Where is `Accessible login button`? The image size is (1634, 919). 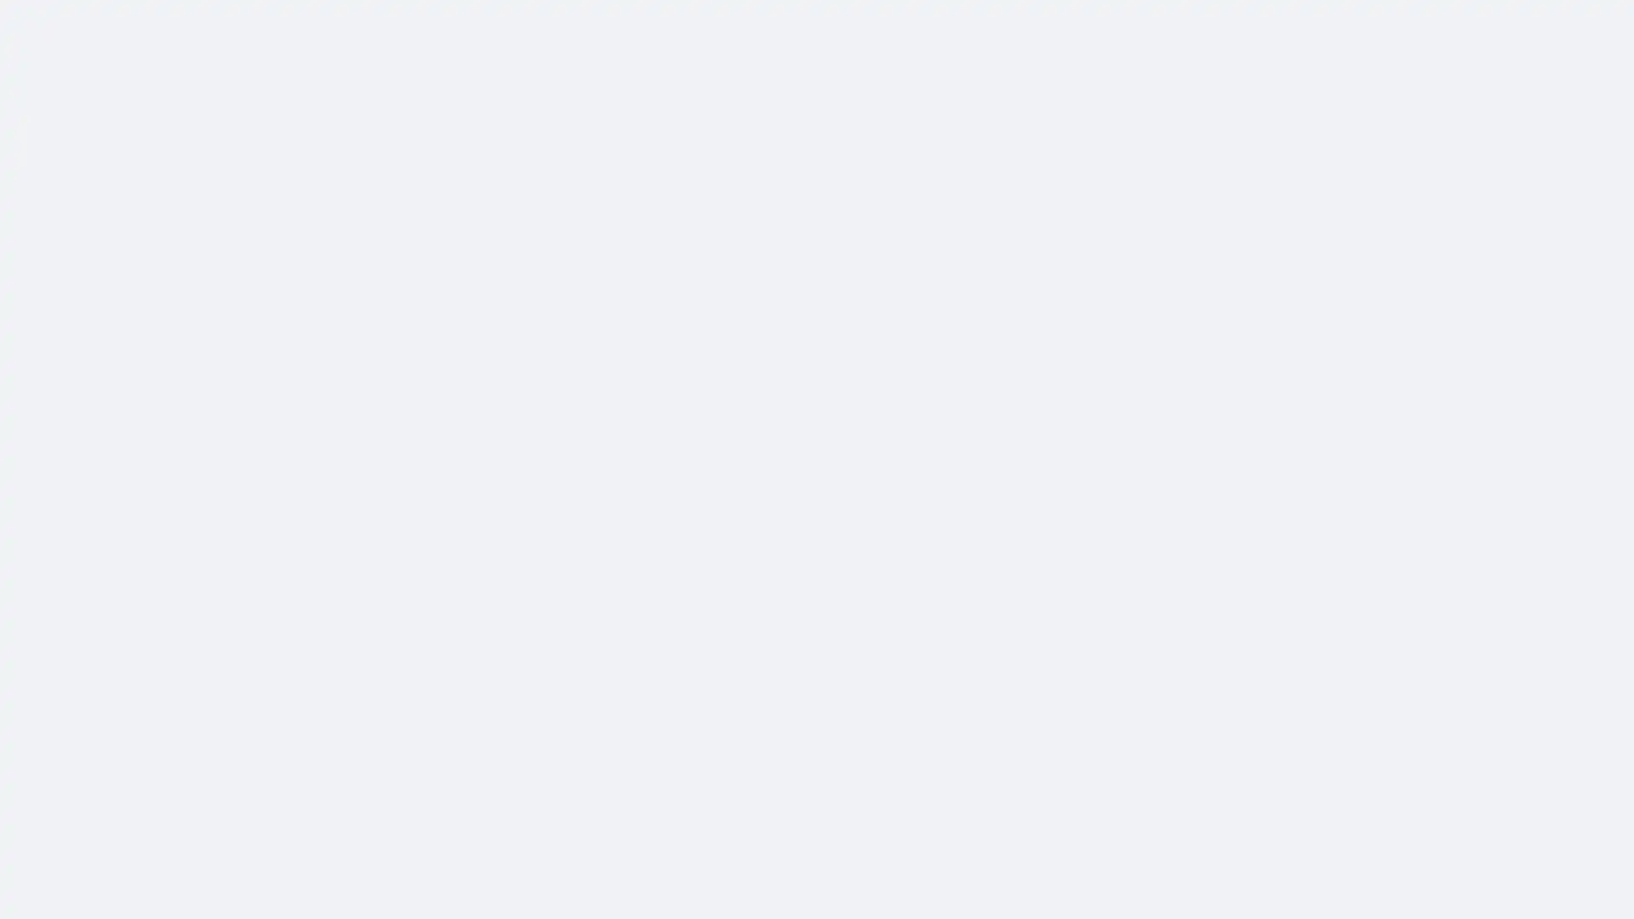
Accessible login button is located at coordinates (1459, 23).